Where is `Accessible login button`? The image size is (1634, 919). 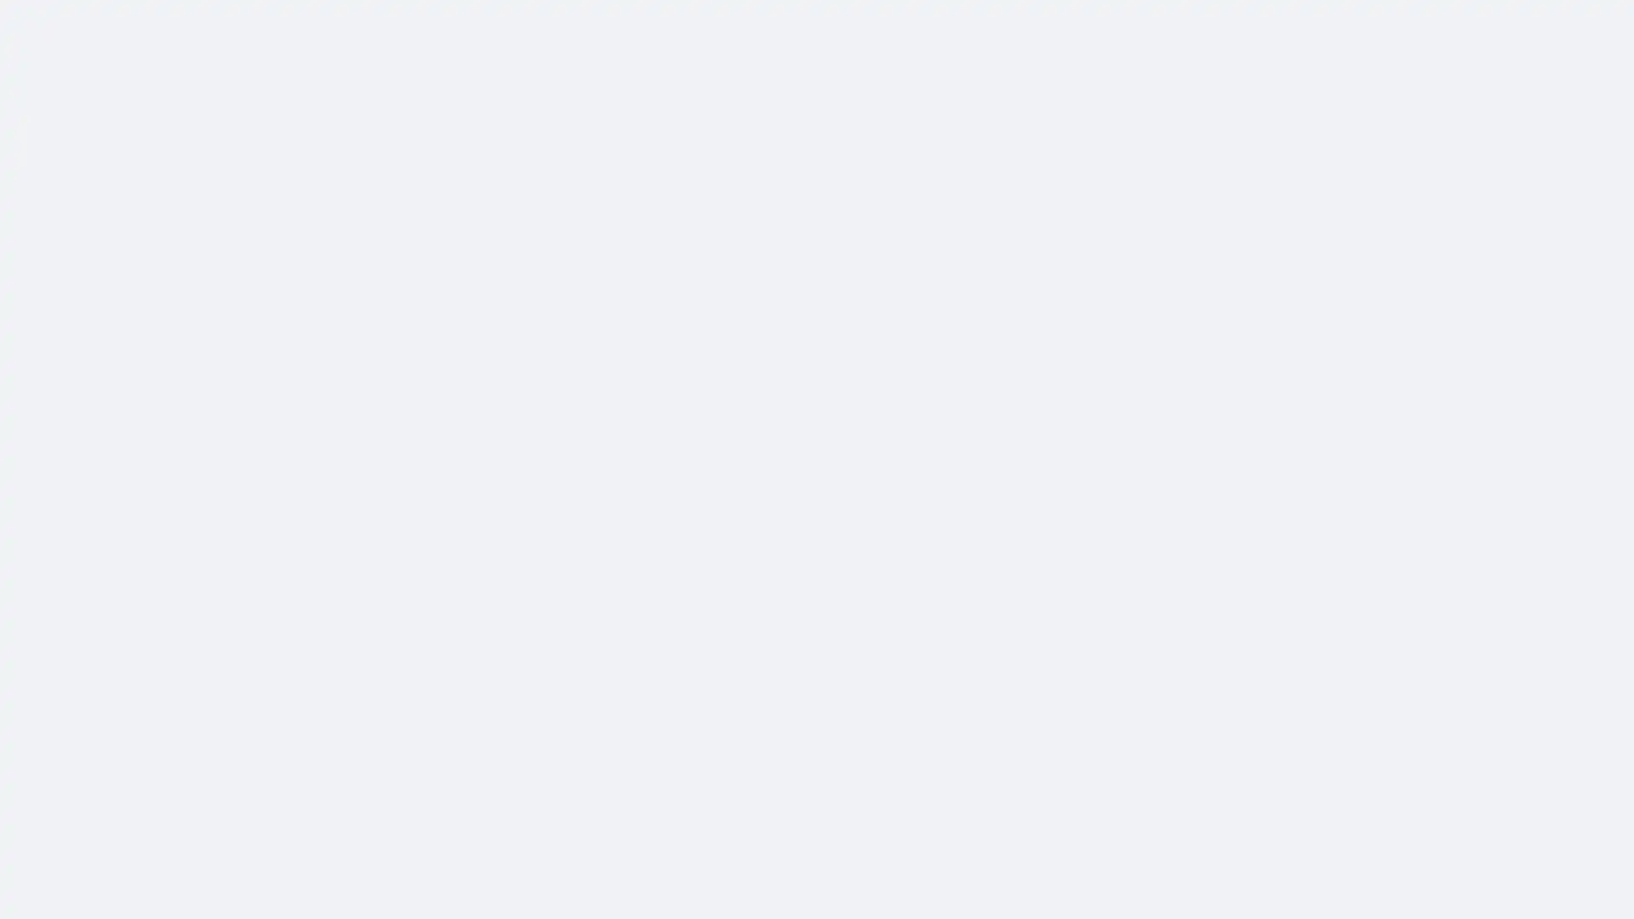
Accessible login button is located at coordinates (1459, 23).